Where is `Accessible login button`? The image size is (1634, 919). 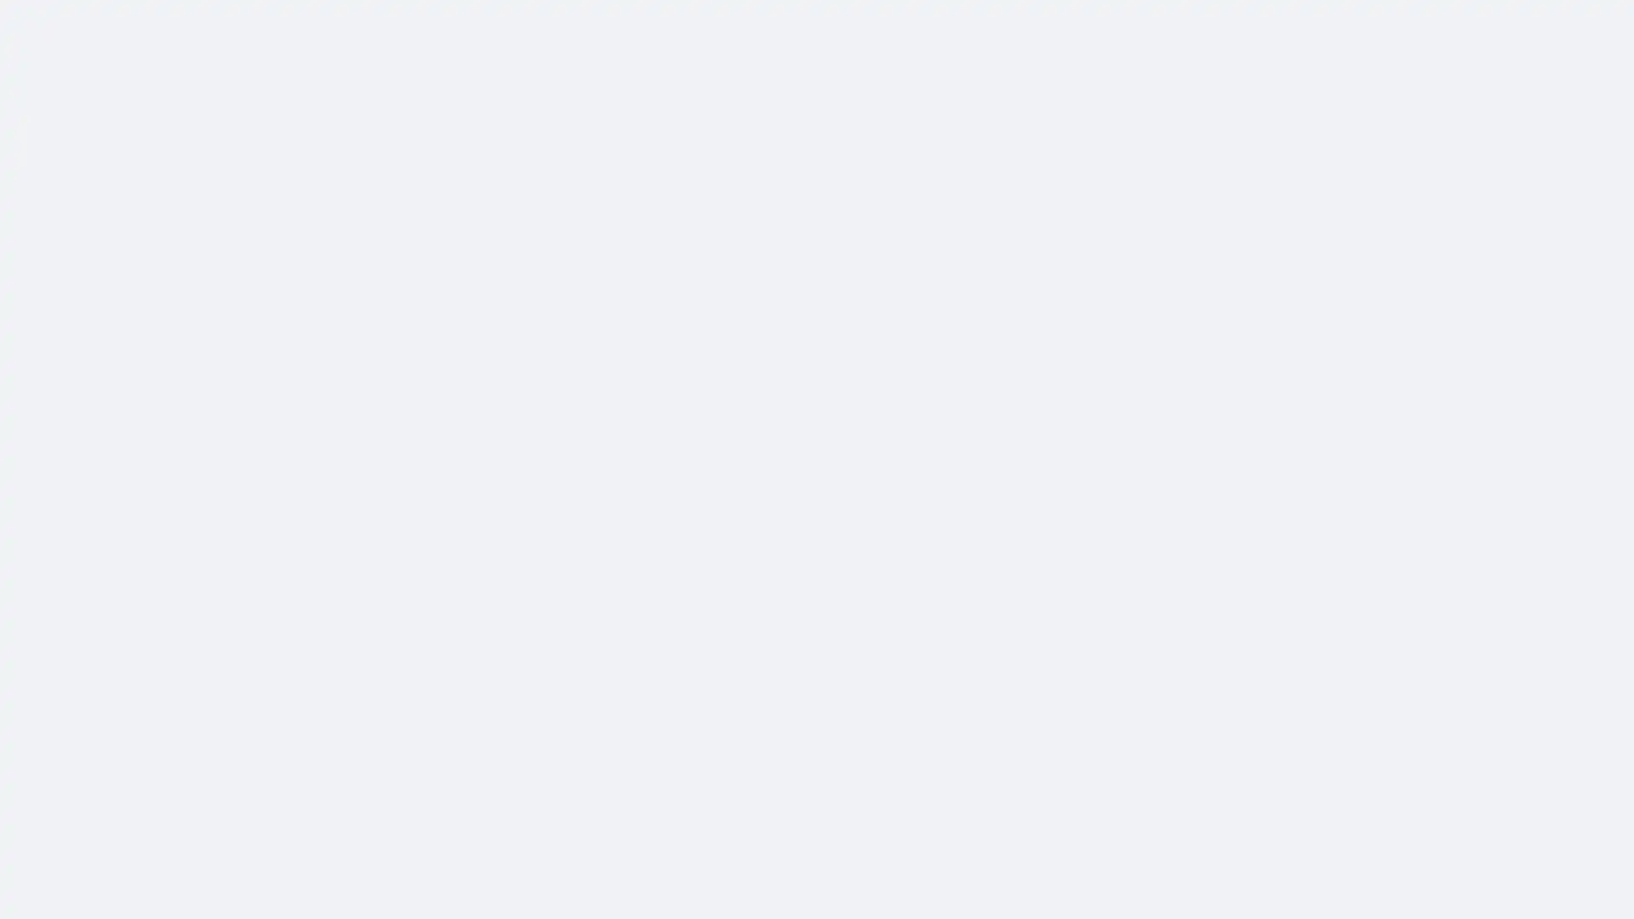
Accessible login button is located at coordinates (1459, 23).